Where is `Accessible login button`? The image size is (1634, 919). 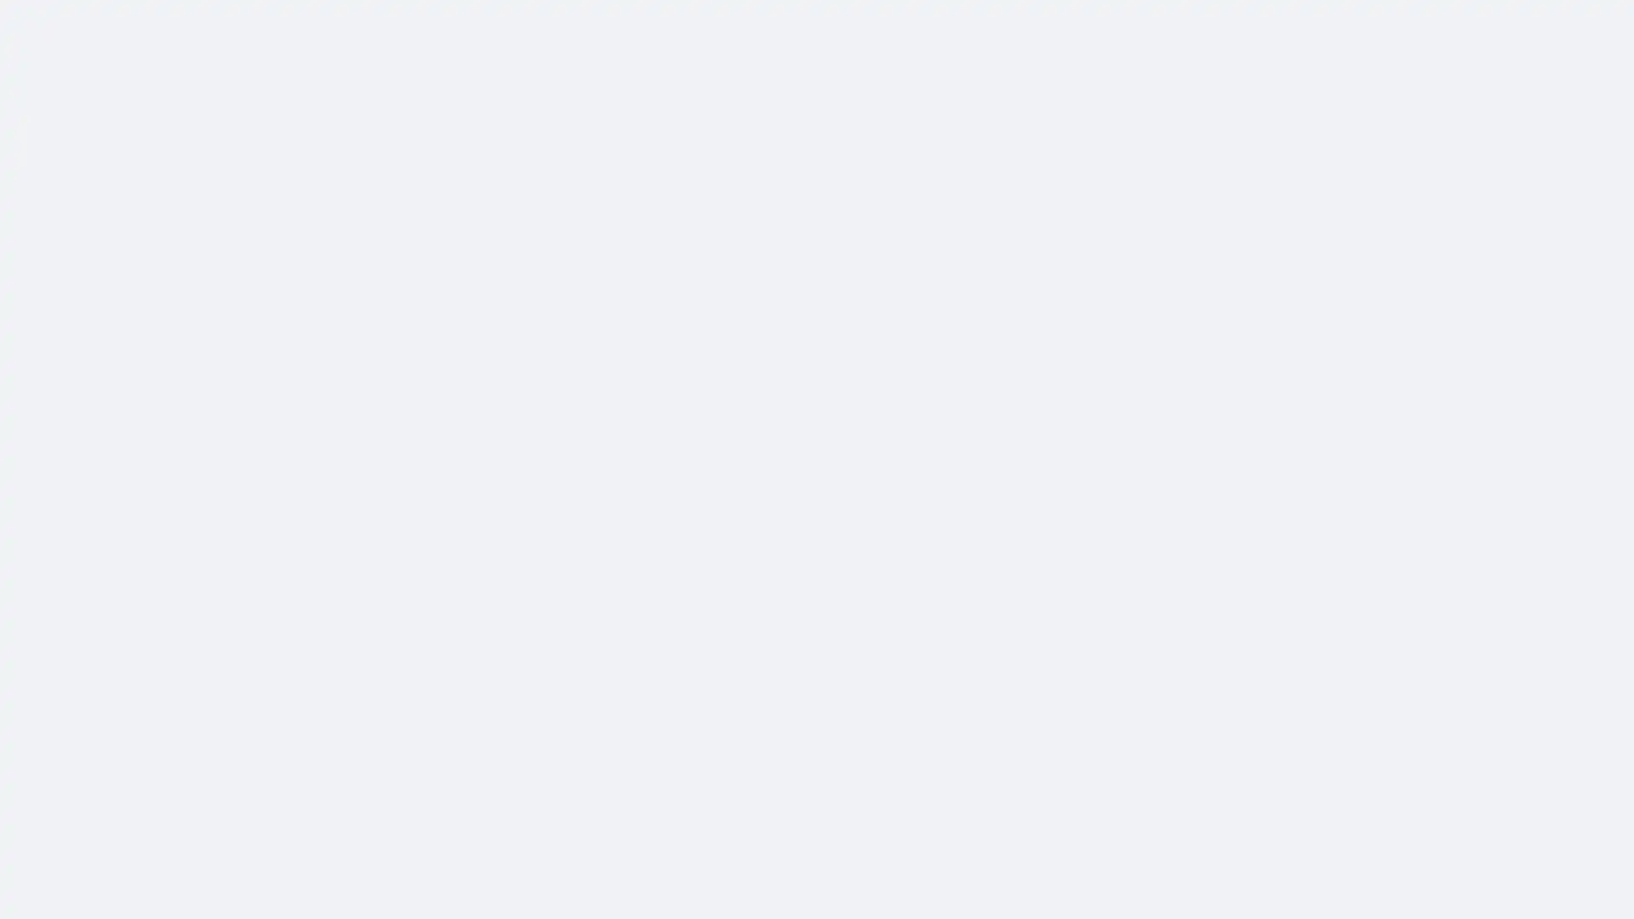
Accessible login button is located at coordinates (1459, 23).